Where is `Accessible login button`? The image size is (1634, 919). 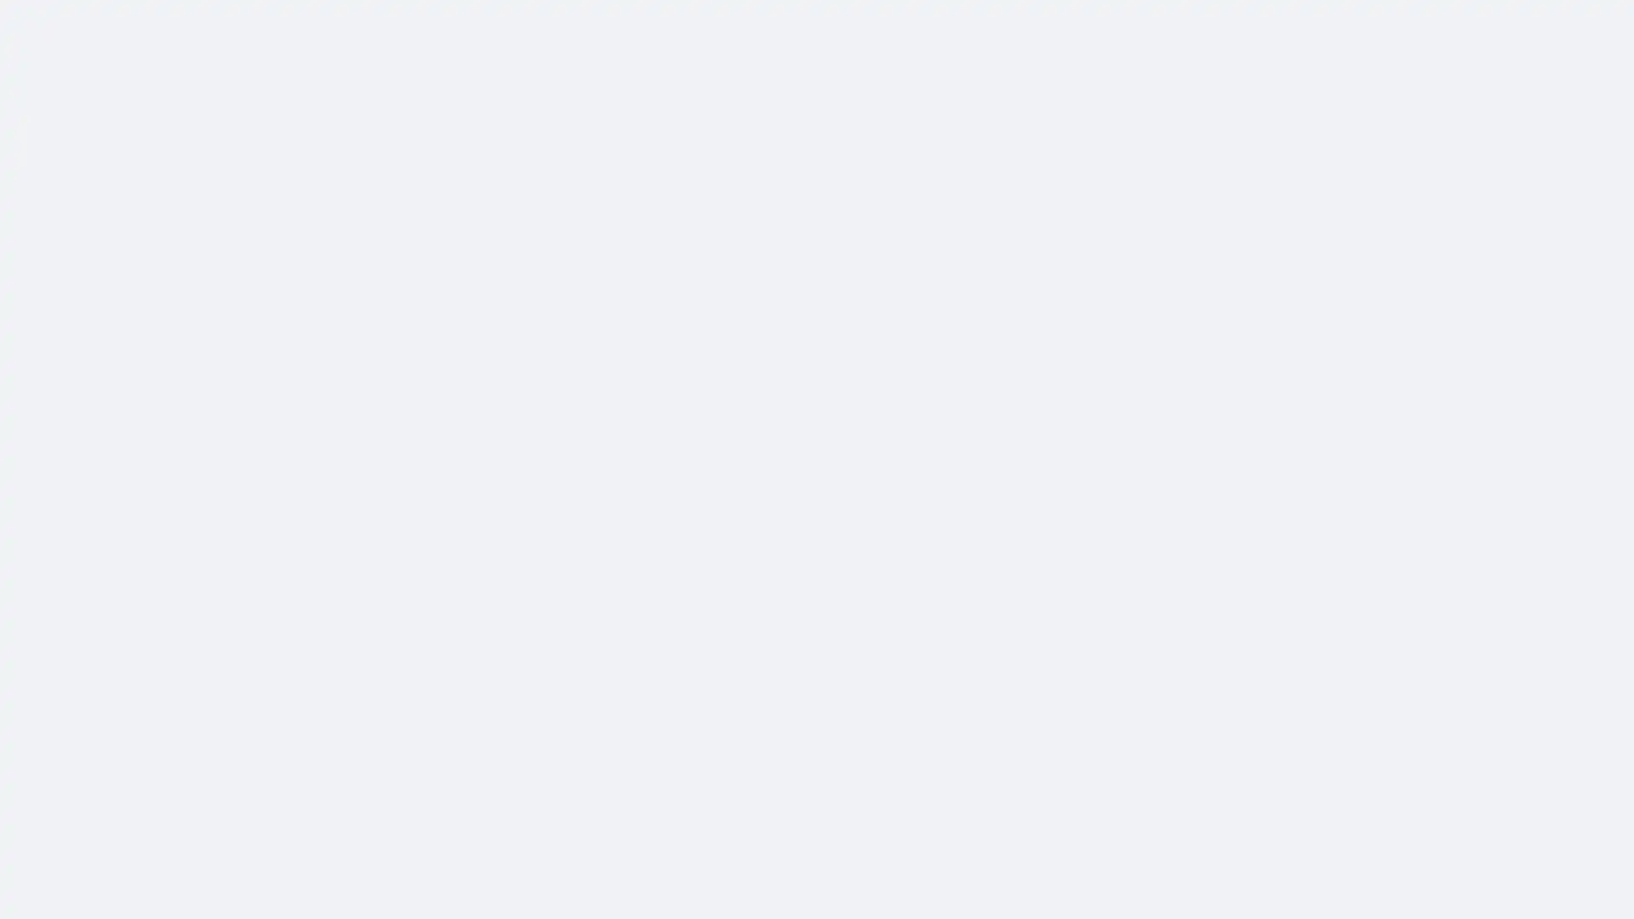
Accessible login button is located at coordinates (1459, 23).